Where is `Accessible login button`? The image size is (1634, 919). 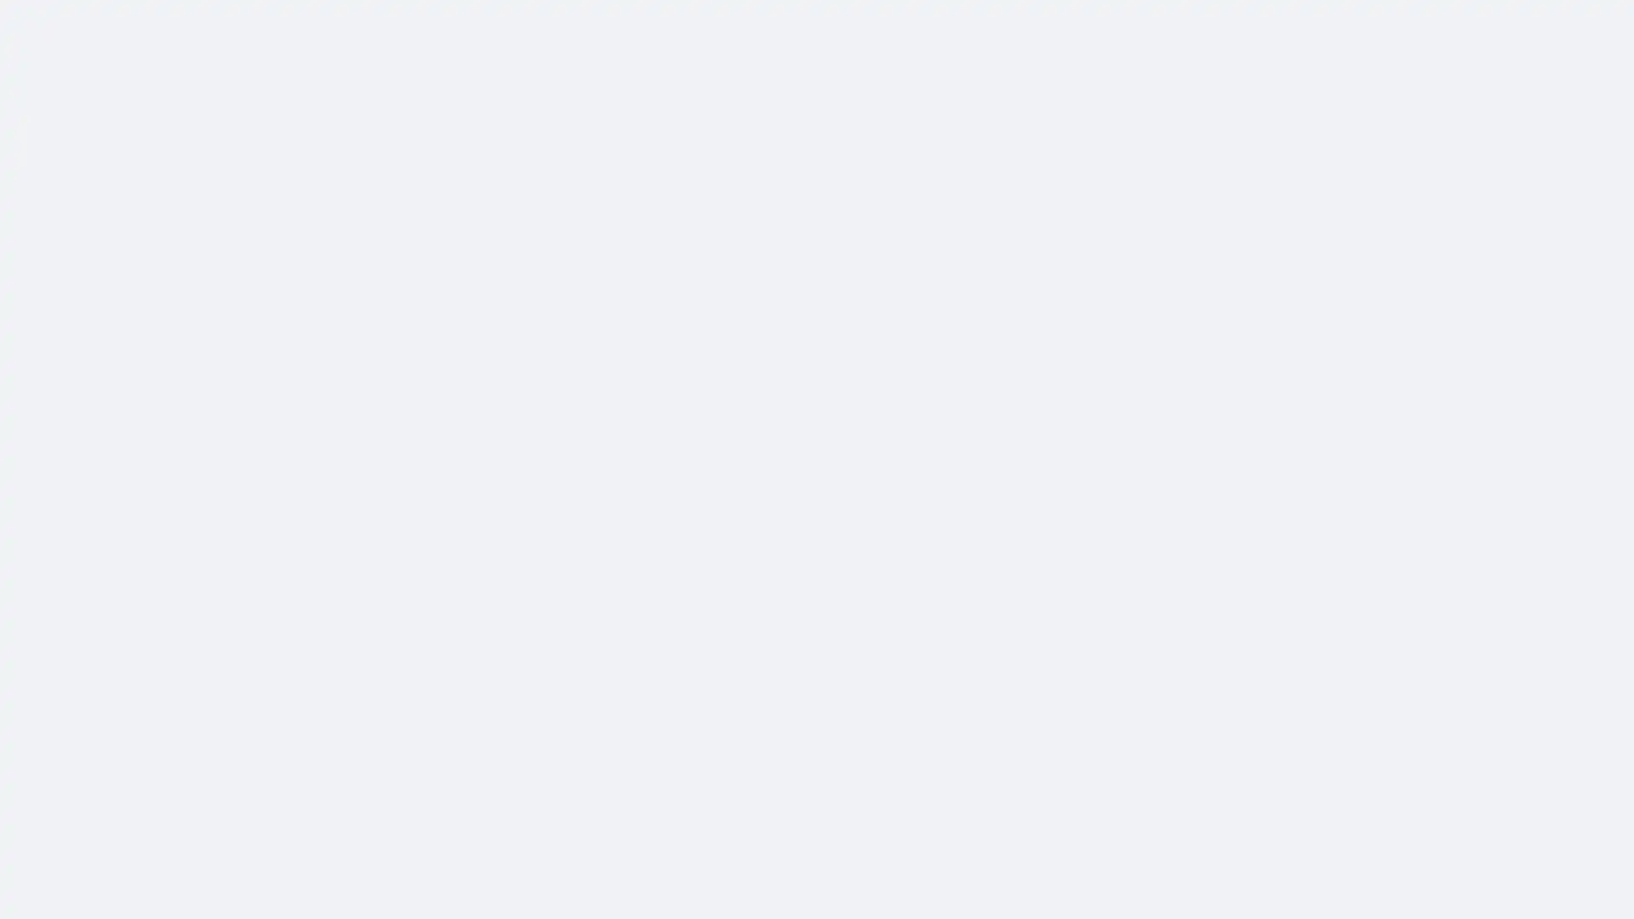
Accessible login button is located at coordinates (1459, 23).